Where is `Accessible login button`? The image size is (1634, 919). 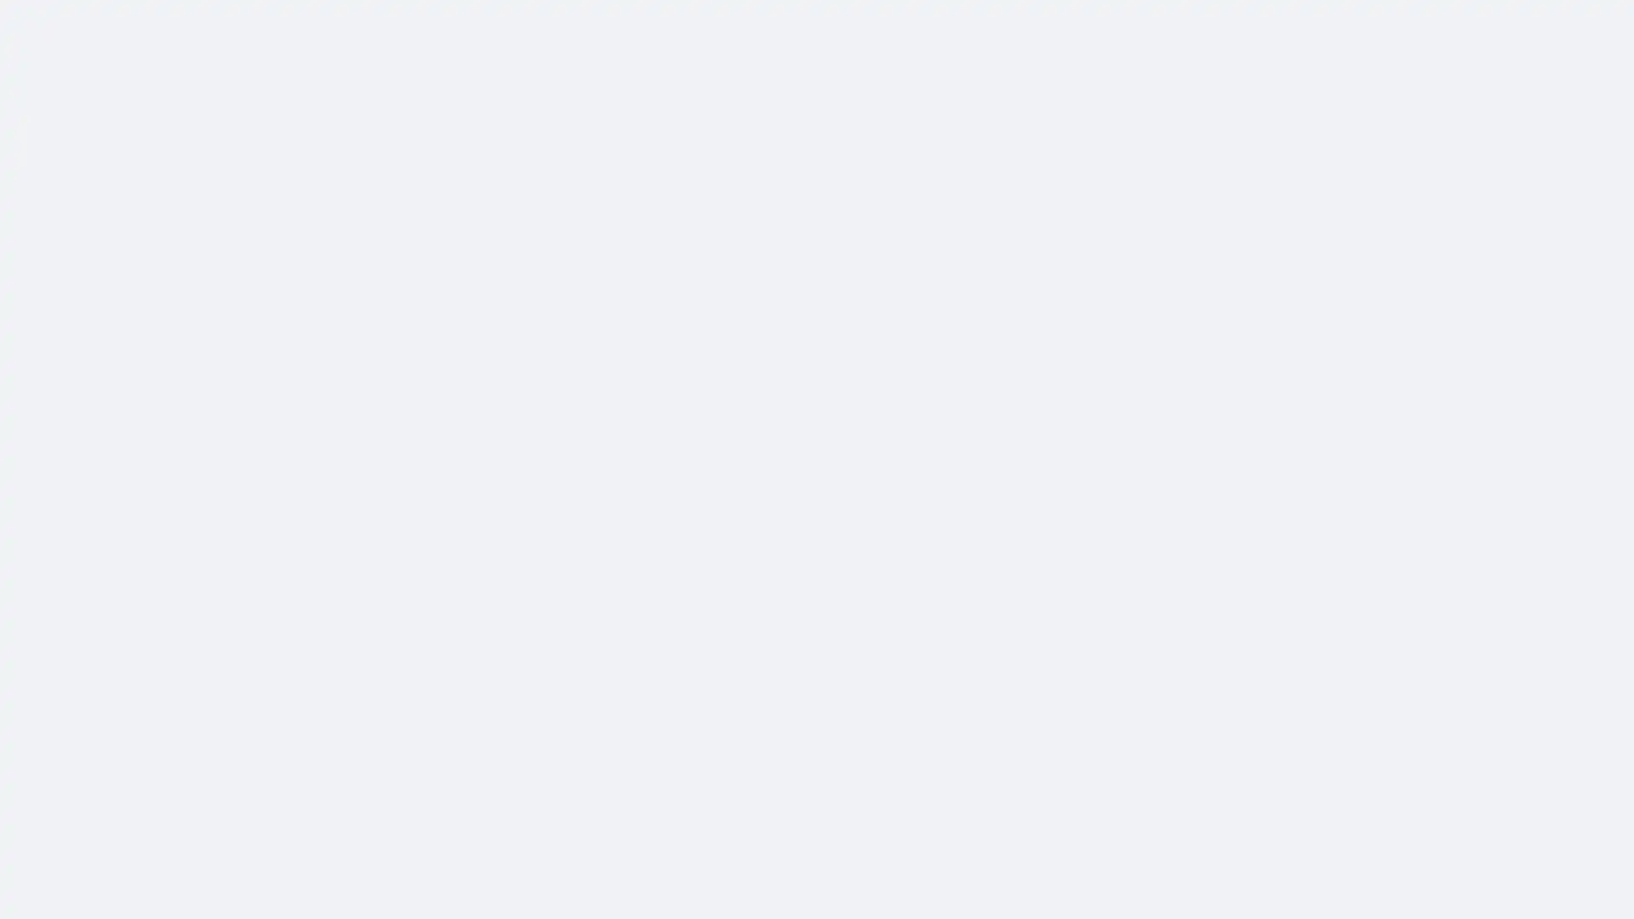
Accessible login button is located at coordinates (1459, 23).